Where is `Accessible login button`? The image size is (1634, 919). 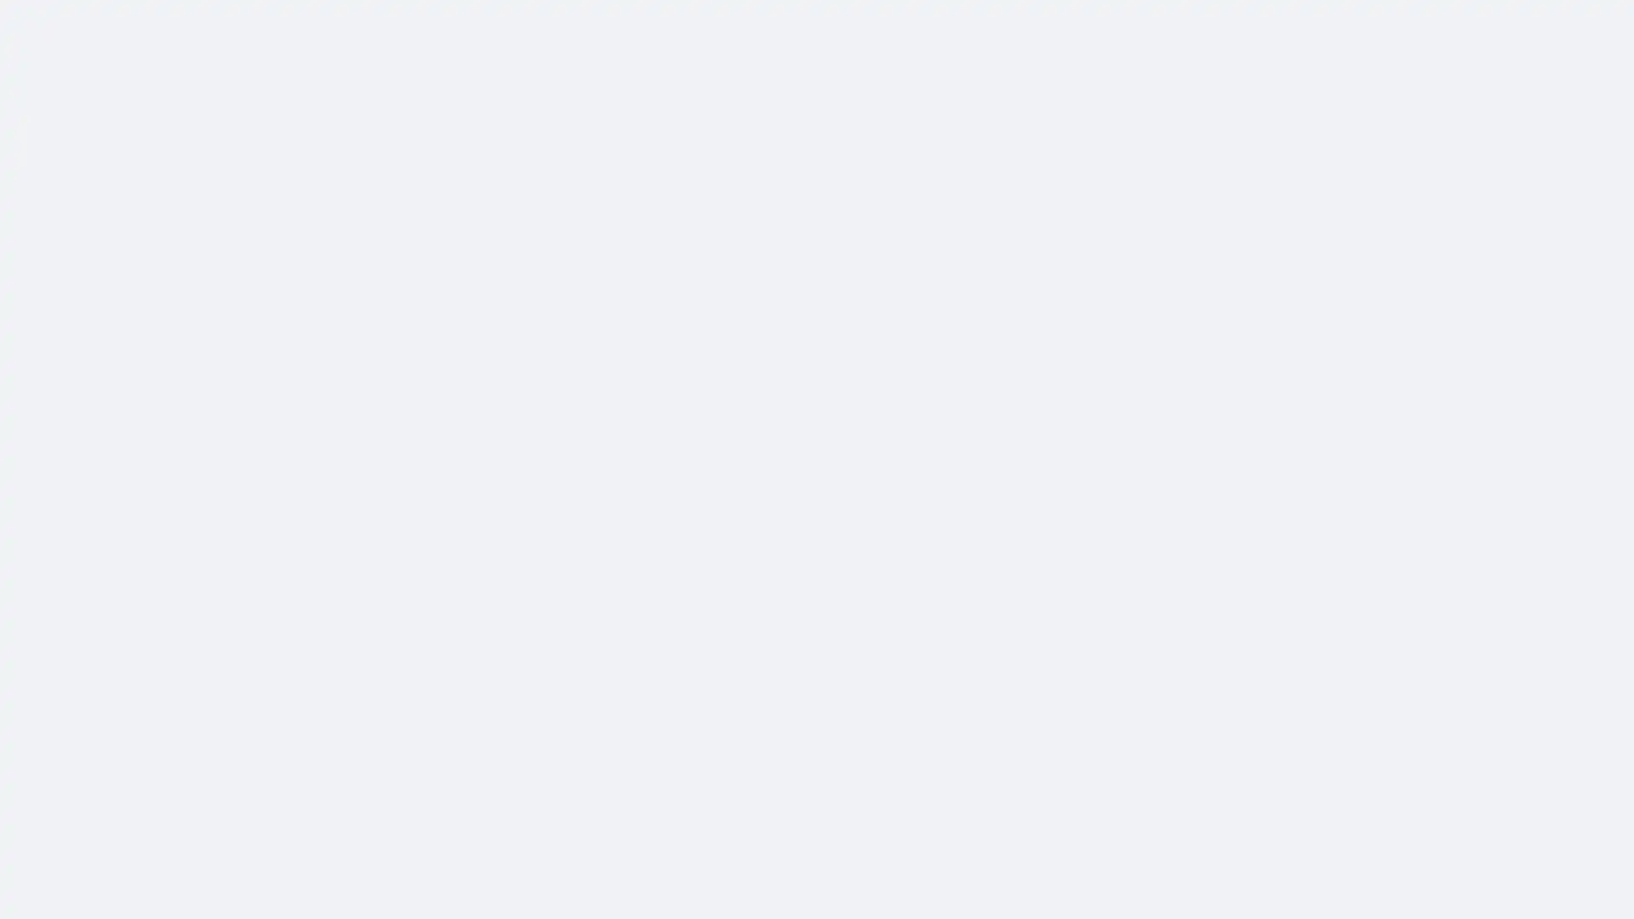
Accessible login button is located at coordinates (1459, 23).